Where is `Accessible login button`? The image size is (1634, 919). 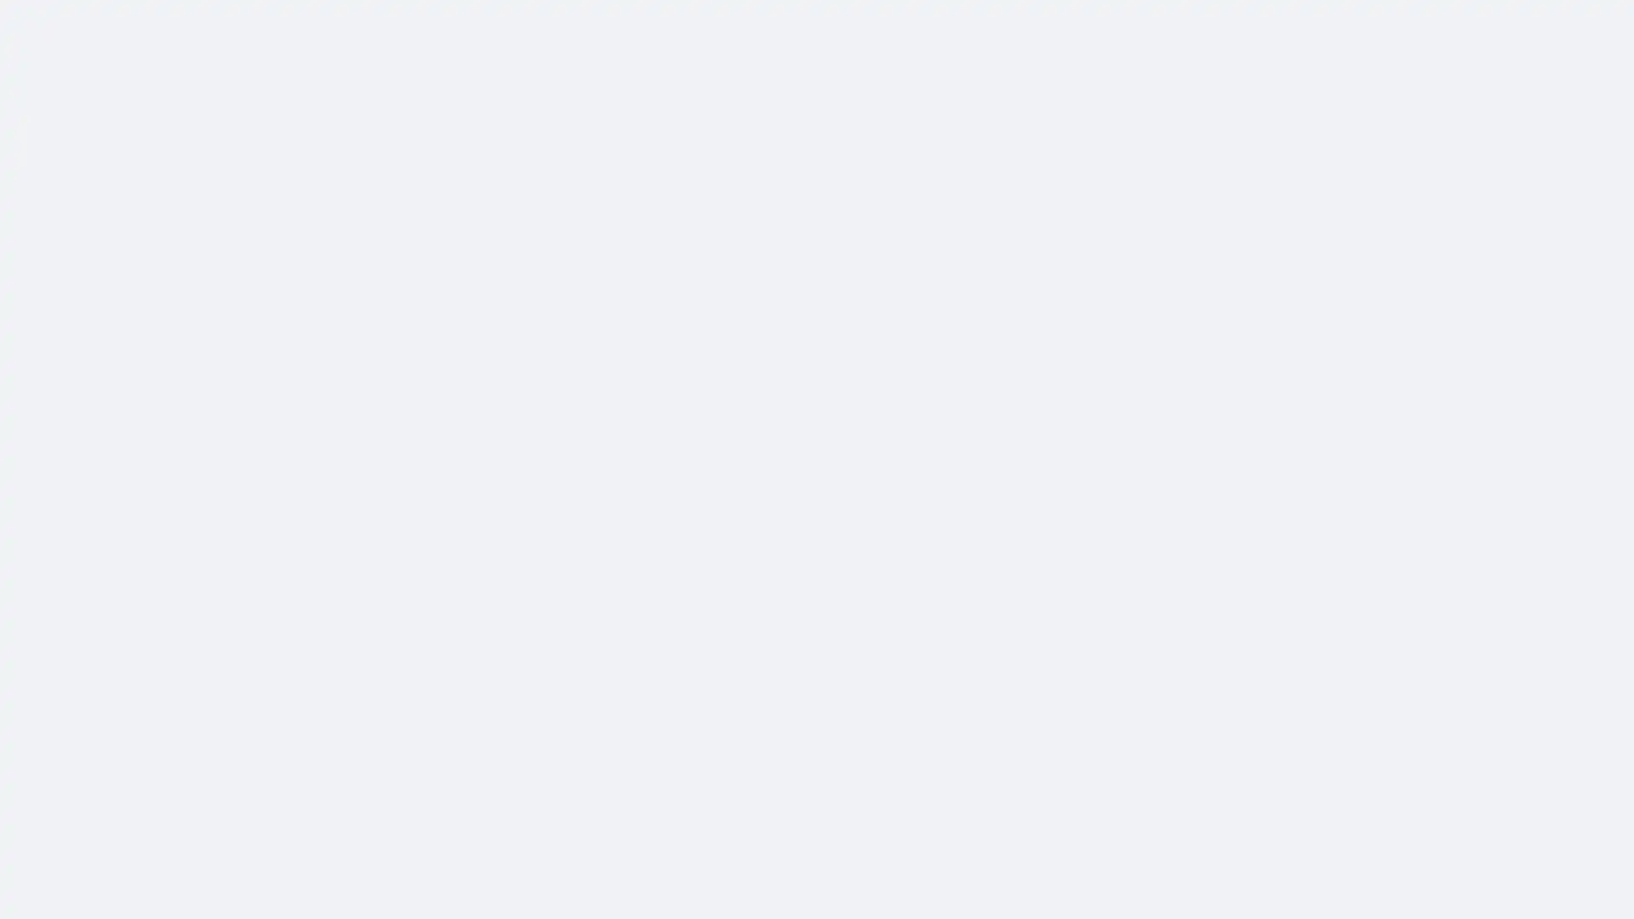
Accessible login button is located at coordinates (1459, 23).